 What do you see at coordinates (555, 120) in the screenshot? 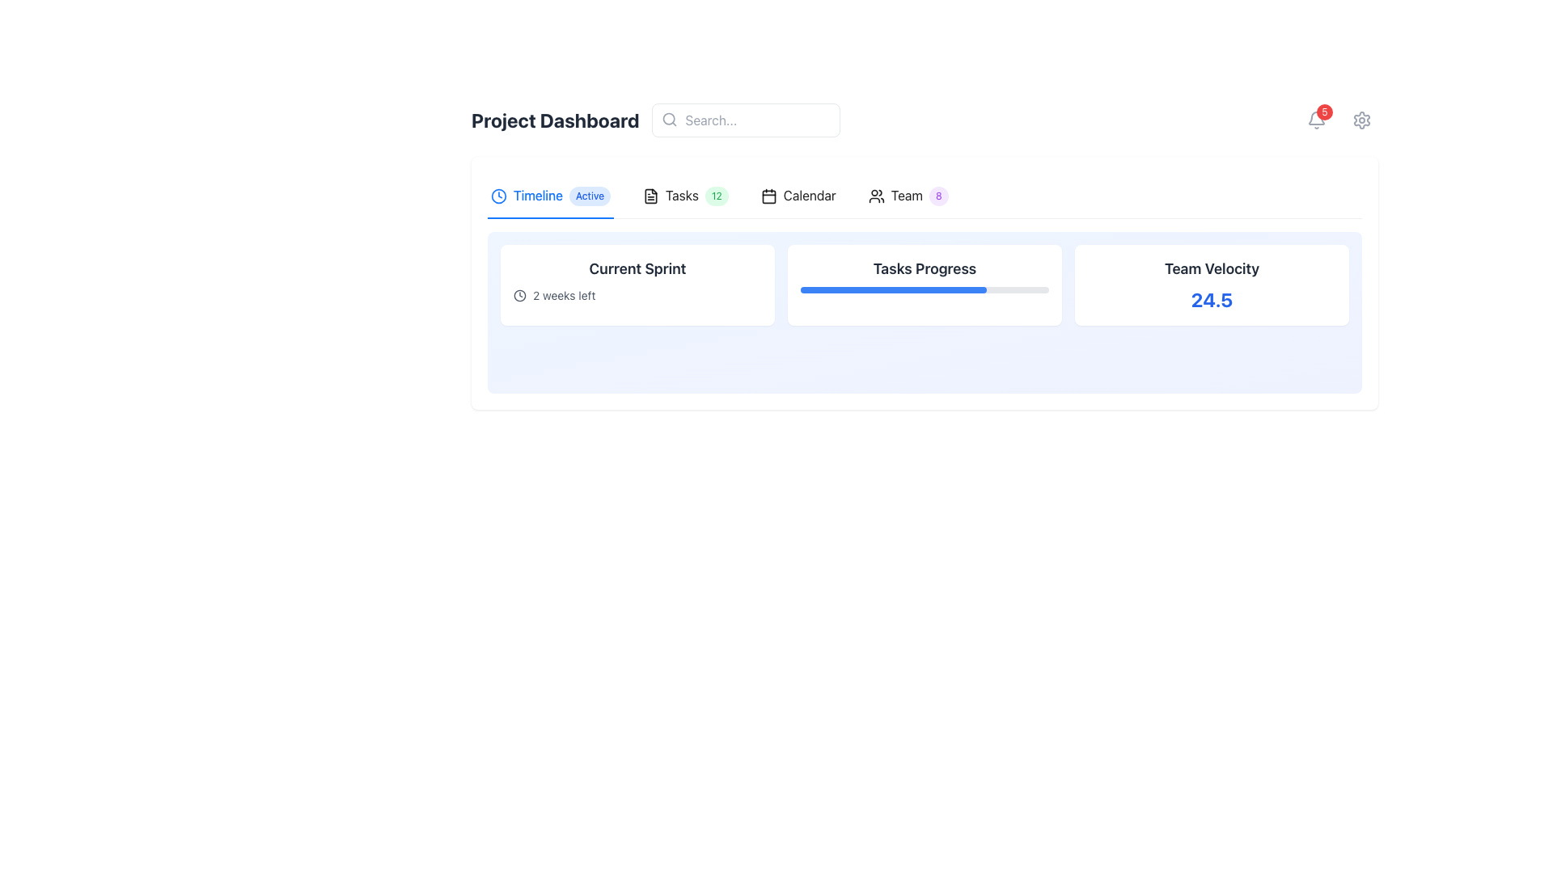
I see `text of the heading that indicates the user is viewing the Project Dashboard, located at the top-left of the page` at bounding box center [555, 120].